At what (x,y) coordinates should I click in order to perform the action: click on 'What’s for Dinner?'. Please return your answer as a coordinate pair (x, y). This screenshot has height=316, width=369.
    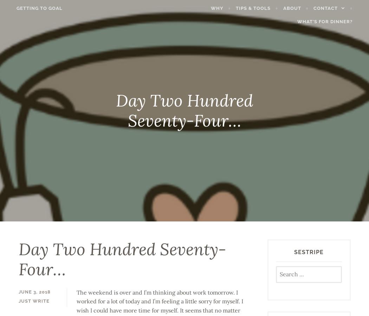
    Looking at the image, I should click on (332, 21).